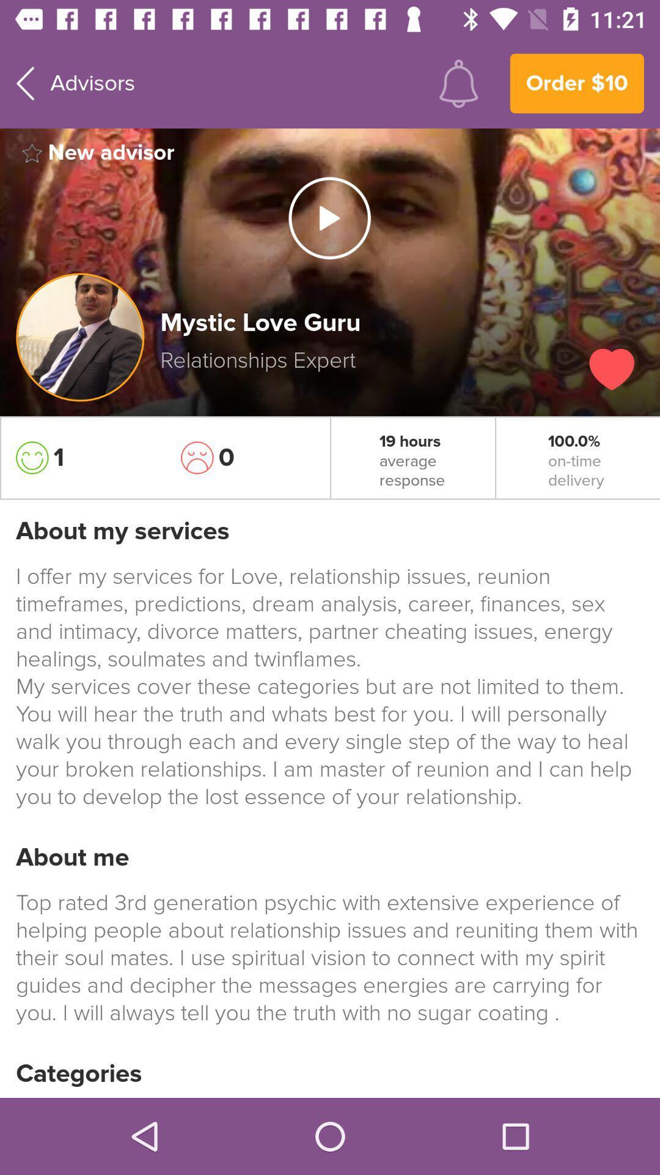 This screenshot has width=660, height=1175. What do you see at coordinates (329, 218) in the screenshot?
I see `the play icon` at bounding box center [329, 218].